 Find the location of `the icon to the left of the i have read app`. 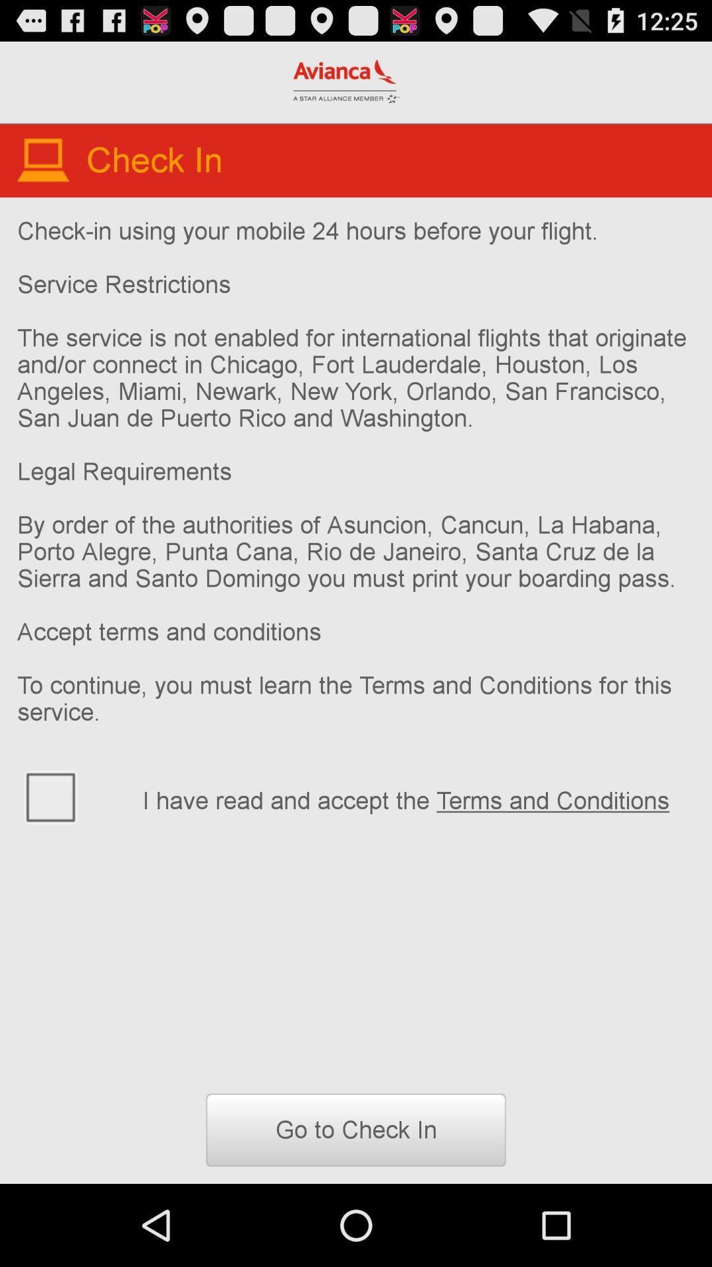

the icon to the left of the i have read app is located at coordinates (71, 795).